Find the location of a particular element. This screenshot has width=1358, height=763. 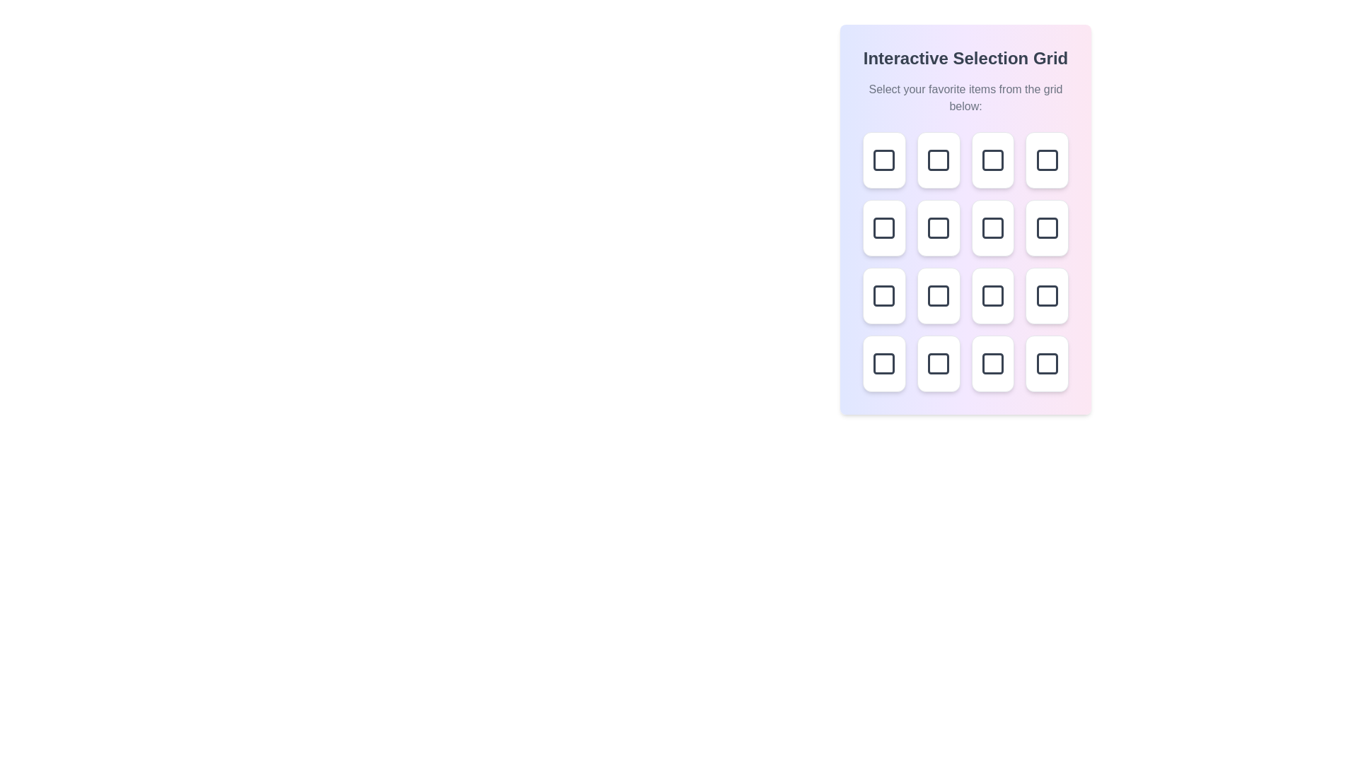

the second selectable item in the first row of the 'Interactive Selection Grid' is located at coordinates (938, 160).